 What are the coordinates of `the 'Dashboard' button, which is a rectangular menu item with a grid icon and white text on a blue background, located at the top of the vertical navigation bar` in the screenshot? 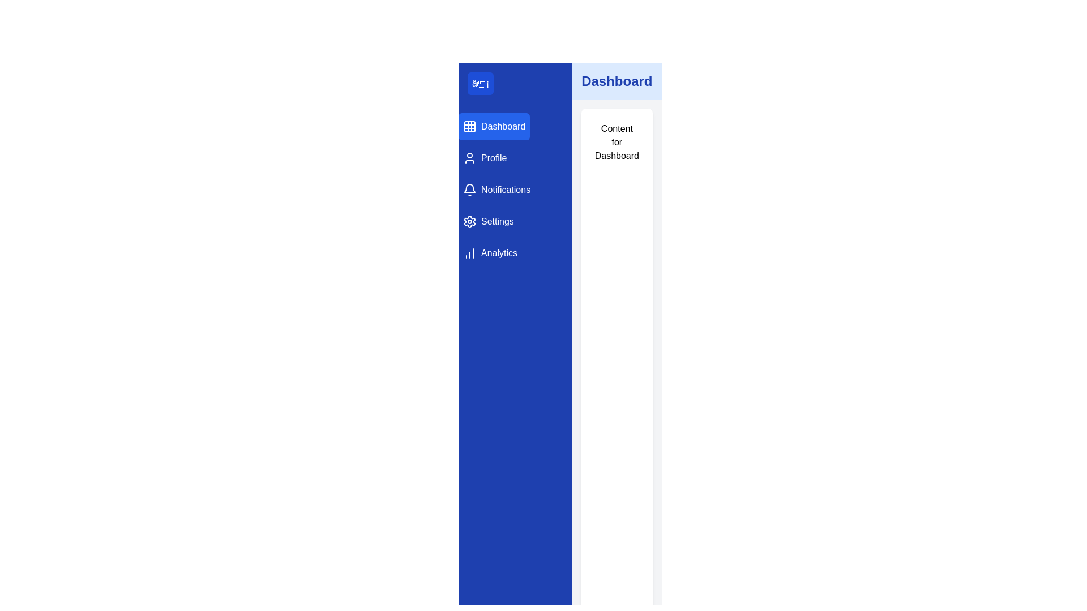 It's located at (494, 126).